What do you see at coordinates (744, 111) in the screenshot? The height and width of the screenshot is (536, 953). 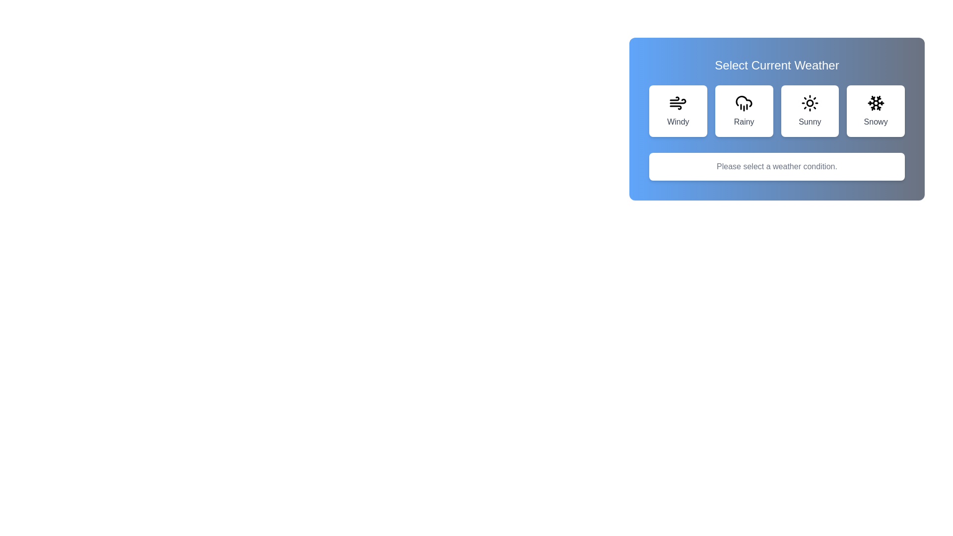 I see `the weather option Rainy` at bounding box center [744, 111].